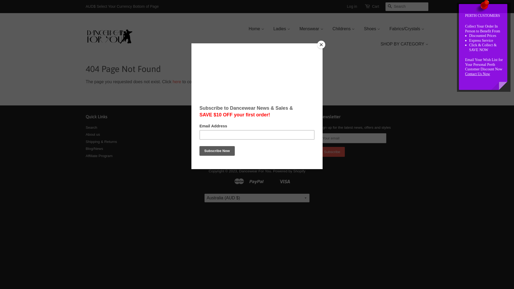 The image size is (514, 289). What do you see at coordinates (281, 29) in the screenshot?
I see `'Ladies'` at bounding box center [281, 29].